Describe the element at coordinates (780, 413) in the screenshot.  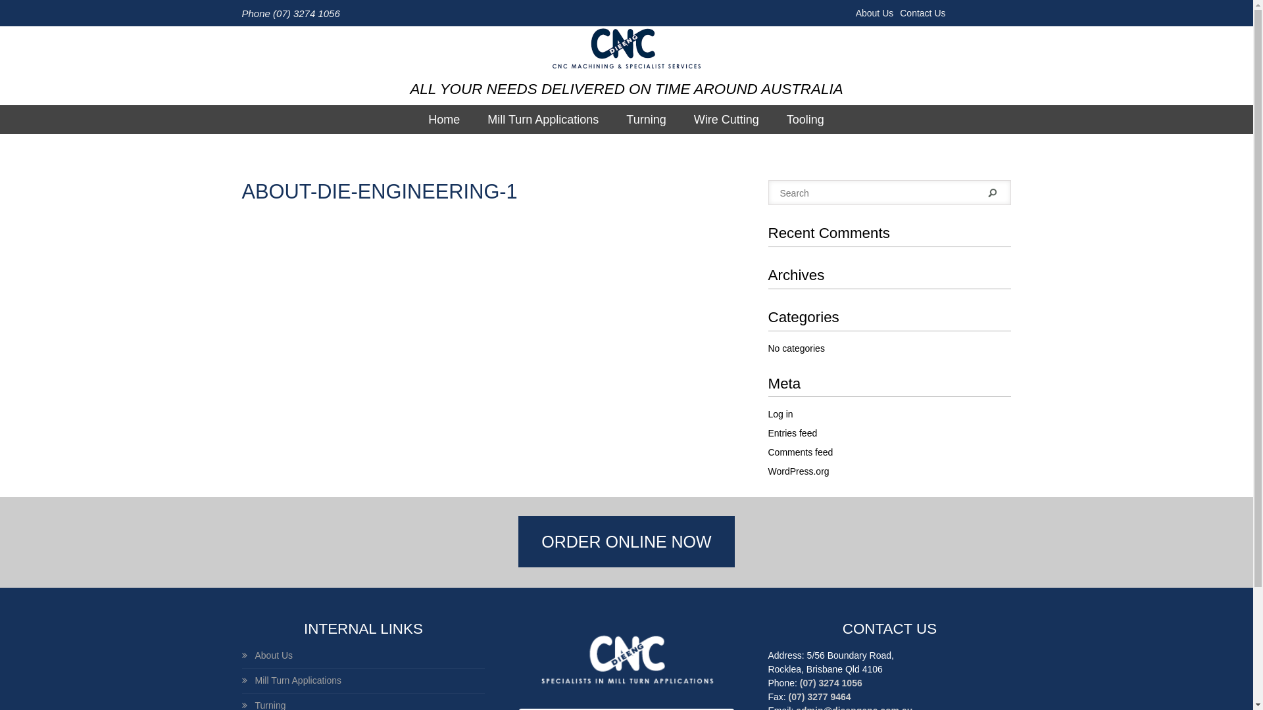
I see `'Log in'` at that location.